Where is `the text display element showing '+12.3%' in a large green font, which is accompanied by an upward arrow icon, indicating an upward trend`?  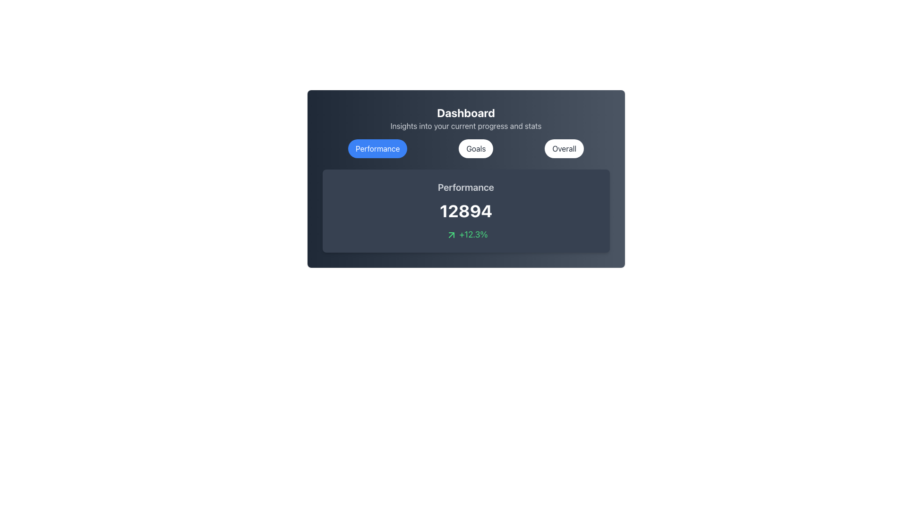
the text display element showing '+12.3%' in a large green font, which is accompanied by an upward arrow icon, indicating an upward trend is located at coordinates (466, 234).